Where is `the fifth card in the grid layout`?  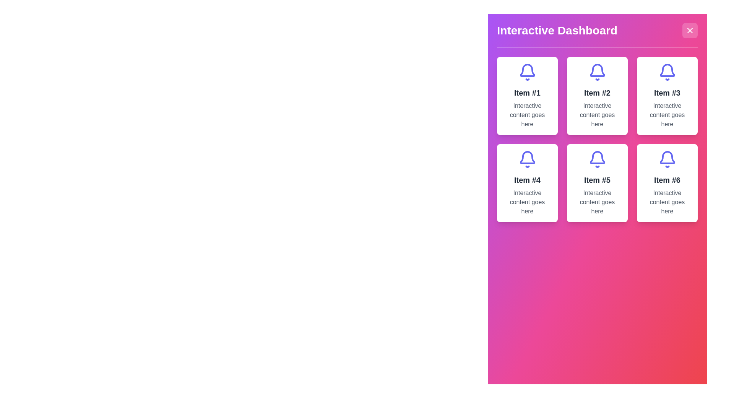
the fifth card in the grid layout is located at coordinates (597, 183).